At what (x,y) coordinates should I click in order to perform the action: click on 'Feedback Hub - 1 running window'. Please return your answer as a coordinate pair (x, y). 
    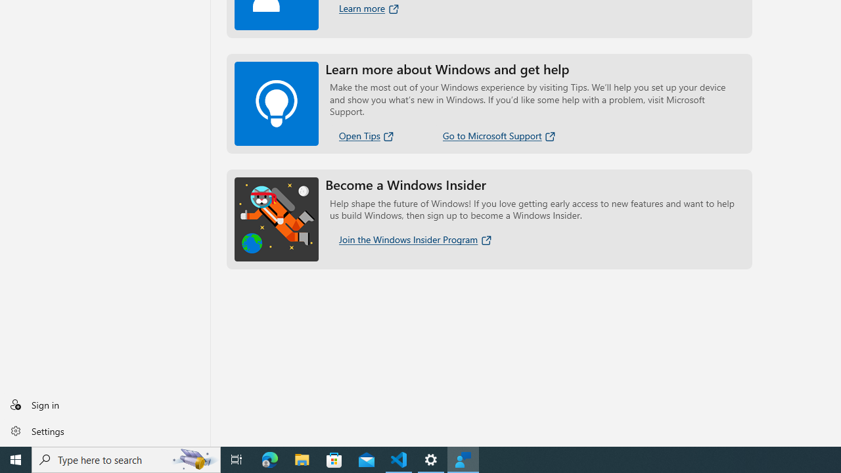
    Looking at the image, I should click on (463, 459).